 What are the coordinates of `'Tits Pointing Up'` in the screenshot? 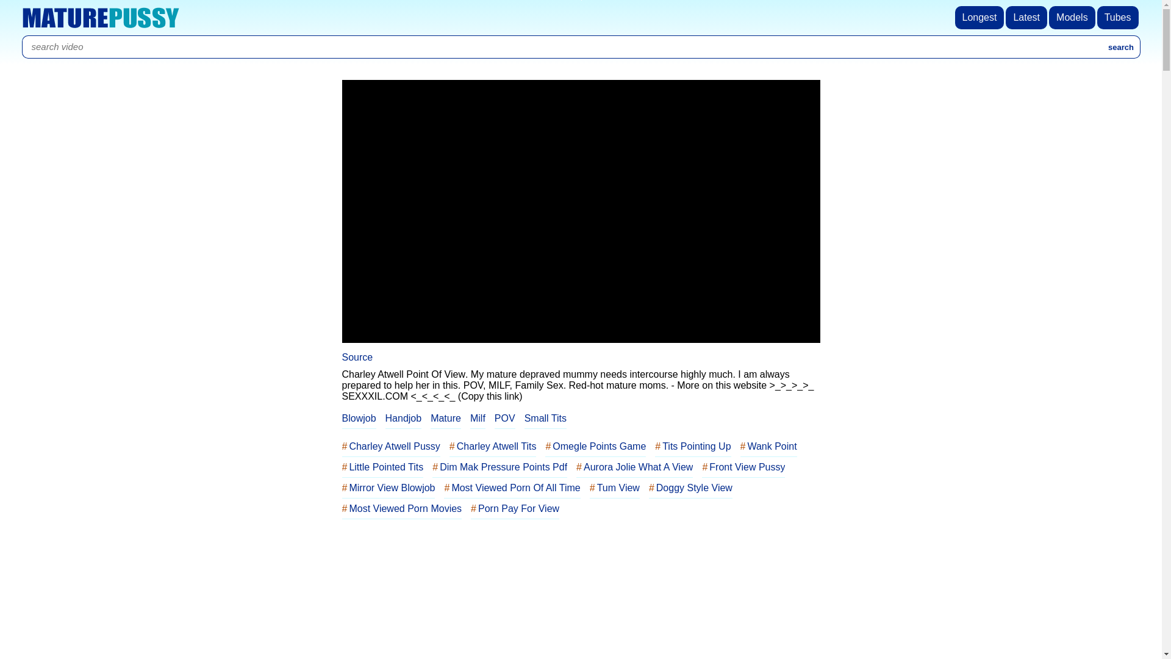 It's located at (693, 447).